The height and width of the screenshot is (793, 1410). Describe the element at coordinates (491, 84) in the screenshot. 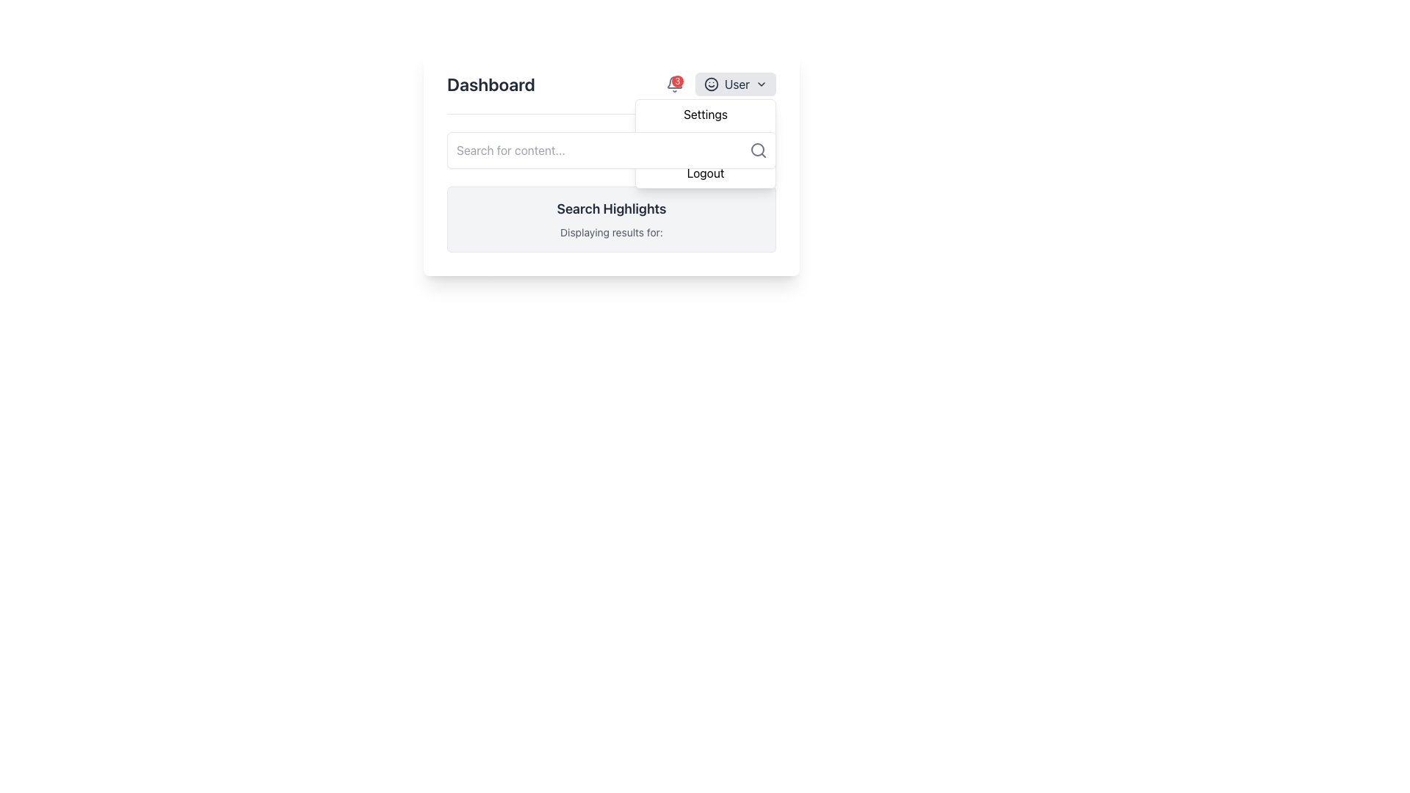

I see `text contained in the 'Dashboard' Text Label located in the top-left section of the header component` at that location.